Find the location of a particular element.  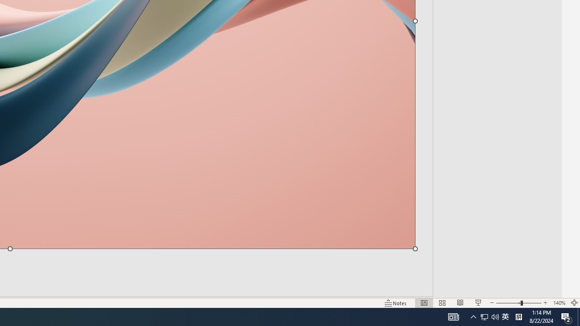

'Zoom In' is located at coordinates (545, 303).